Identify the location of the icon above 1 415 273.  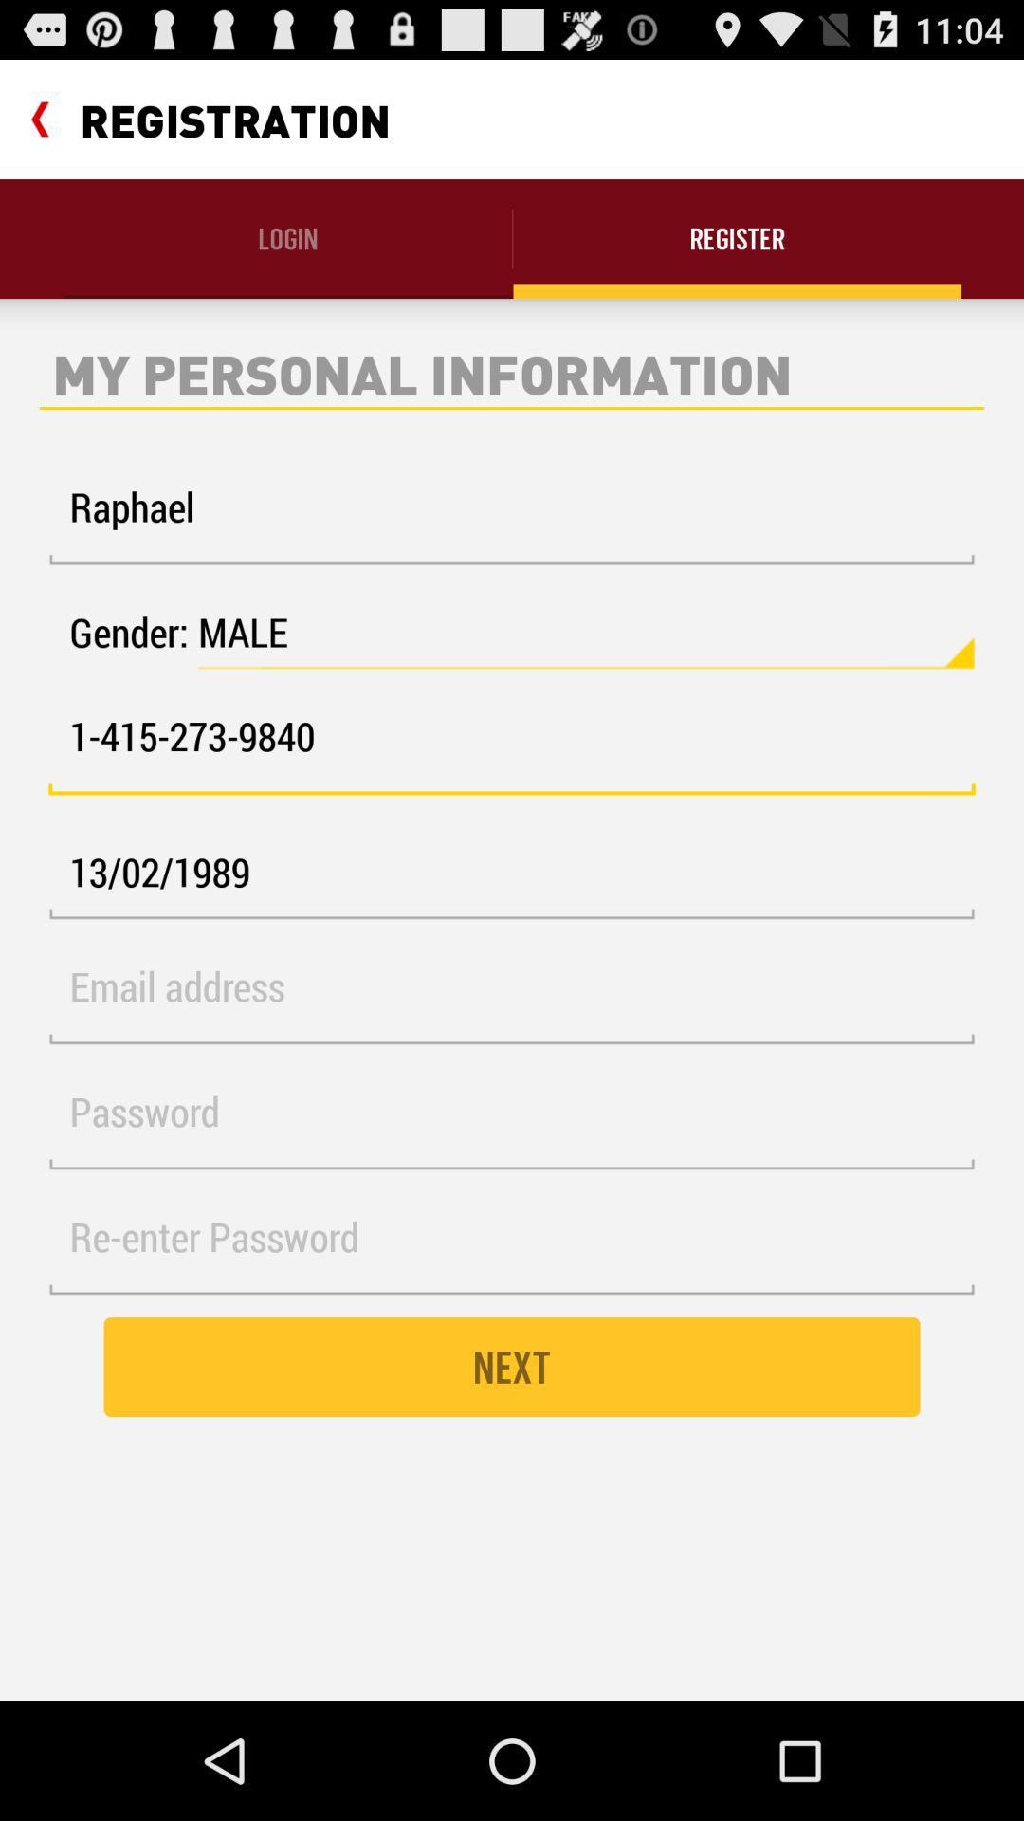
(585, 633).